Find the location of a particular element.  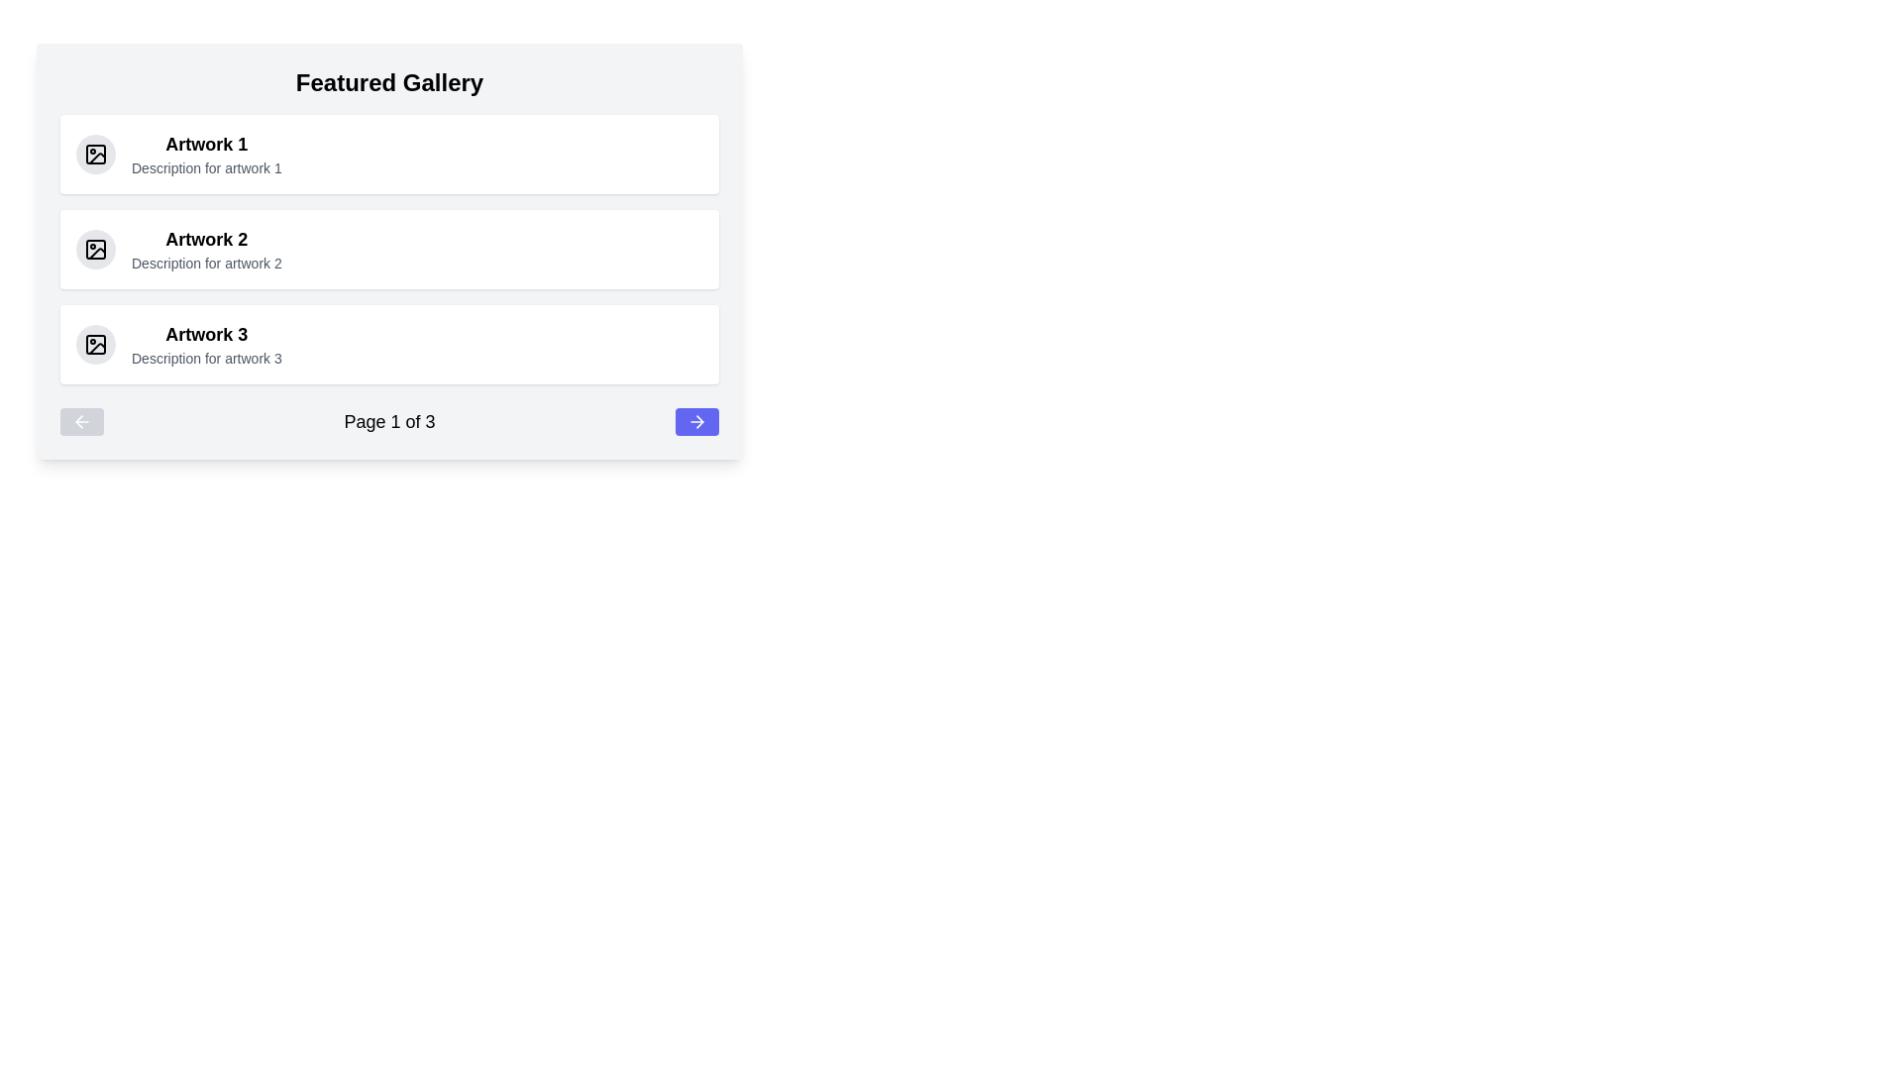

the Text Label that provides descriptive information related to 'Artwork 2', located in the 'Featured Gallery' section, directly below the 'Artwork 2' title text is located at coordinates (206, 263).